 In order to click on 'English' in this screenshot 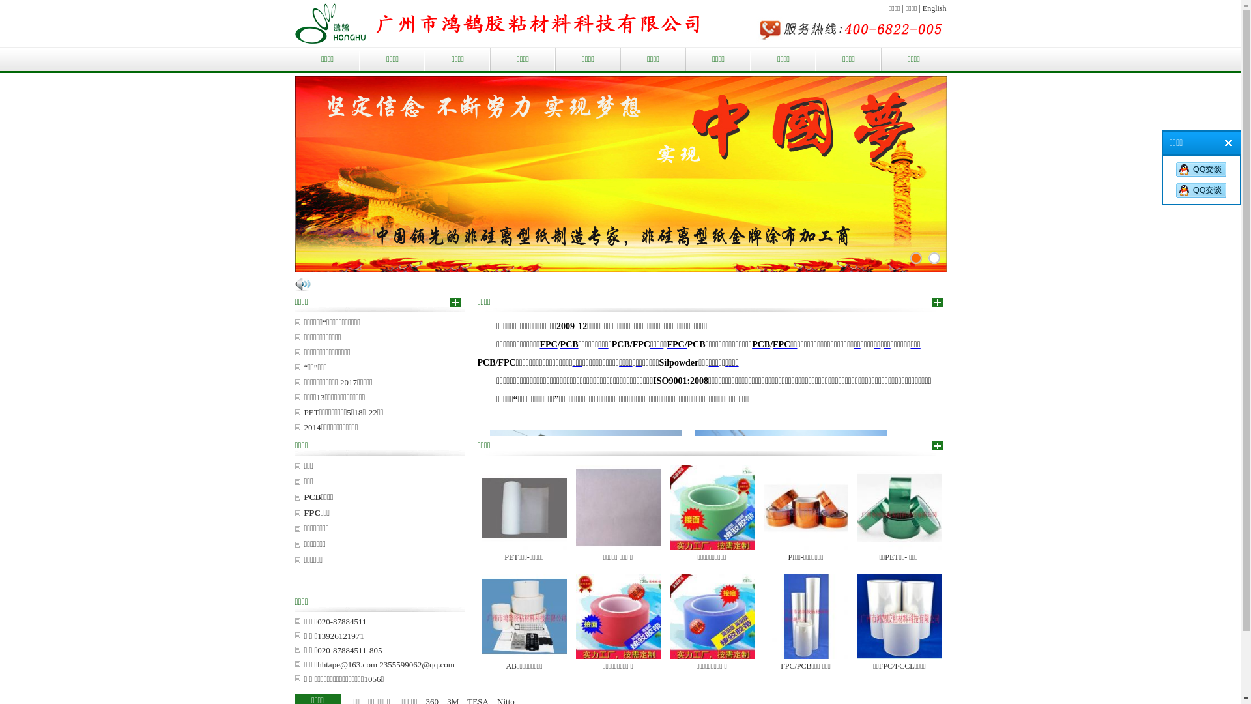, I will do `click(922, 8)`.